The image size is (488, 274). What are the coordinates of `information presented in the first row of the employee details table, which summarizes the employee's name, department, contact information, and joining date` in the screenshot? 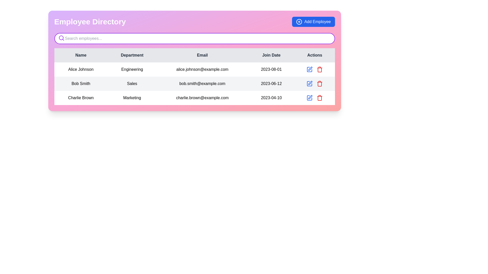 It's located at (194, 69).